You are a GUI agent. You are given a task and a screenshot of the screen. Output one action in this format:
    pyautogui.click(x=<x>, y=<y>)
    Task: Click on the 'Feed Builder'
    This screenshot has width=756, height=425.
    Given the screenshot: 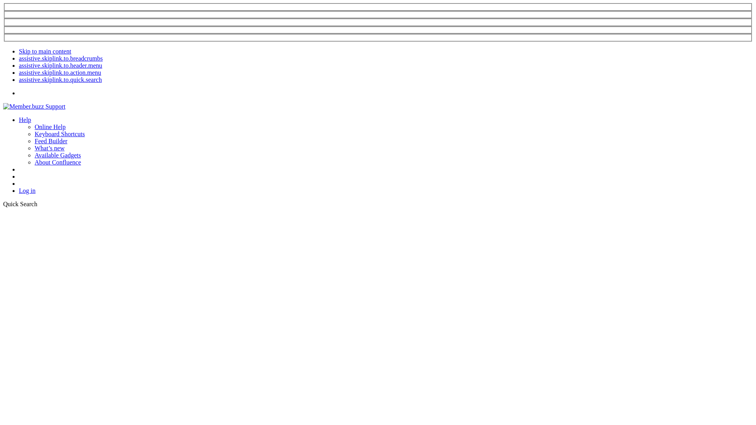 What is the action you would take?
    pyautogui.click(x=34, y=140)
    